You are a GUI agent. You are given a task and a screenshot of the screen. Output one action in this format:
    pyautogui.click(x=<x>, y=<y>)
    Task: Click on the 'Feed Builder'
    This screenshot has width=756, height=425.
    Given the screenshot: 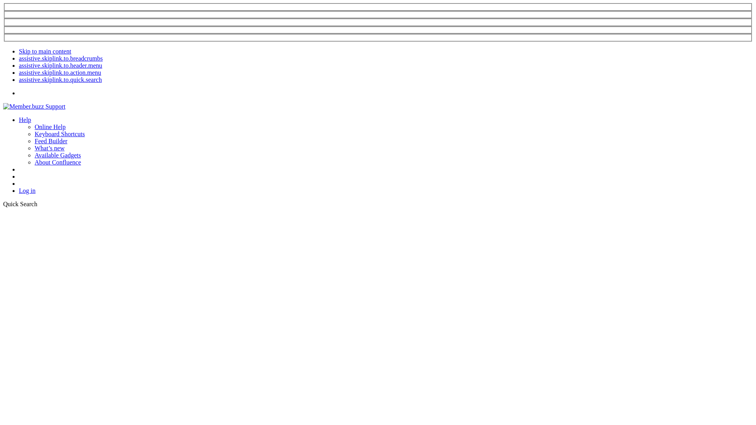 What is the action you would take?
    pyautogui.click(x=34, y=140)
    